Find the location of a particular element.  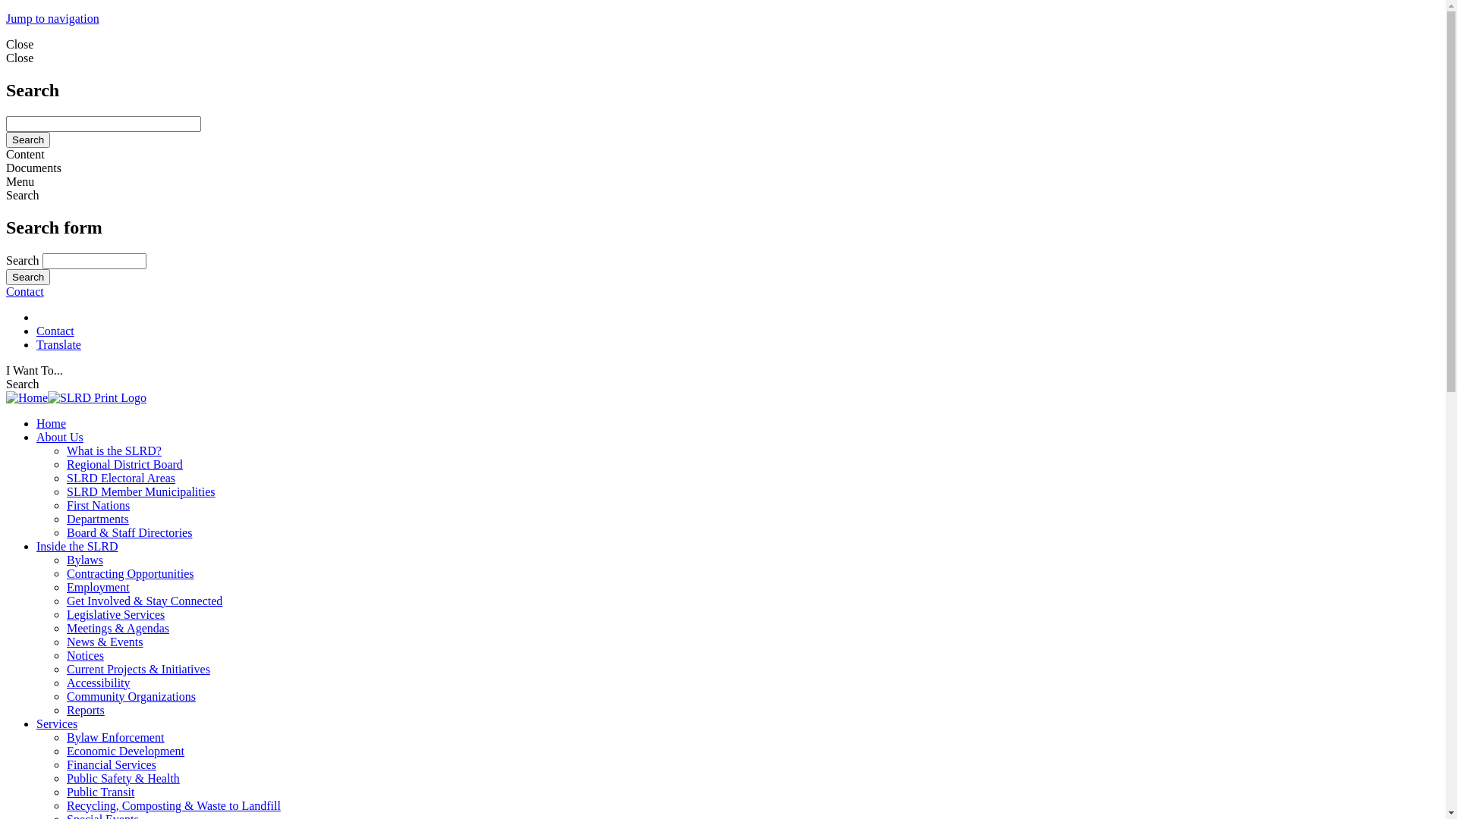

'Bylaws' is located at coordinates (83, 560).